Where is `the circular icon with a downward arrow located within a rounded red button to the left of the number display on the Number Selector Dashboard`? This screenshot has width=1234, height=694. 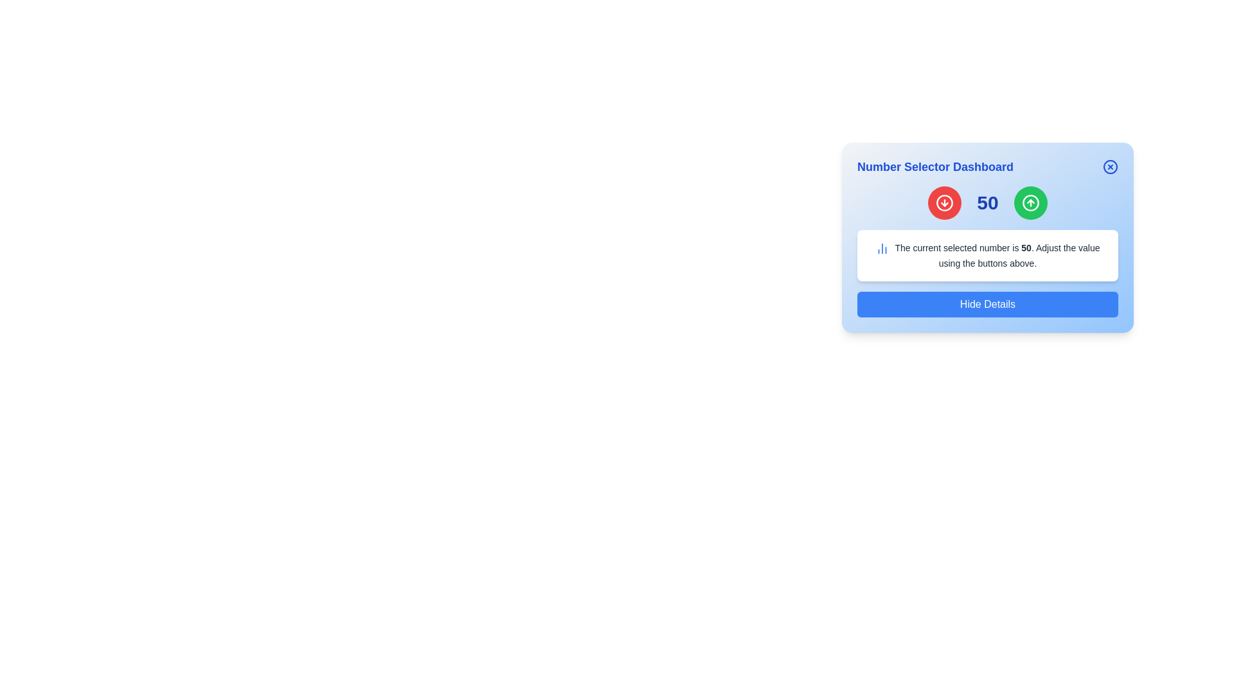 the circular icon with a downward arrow located within a rounded red button to the left of the number display on the Number Selector Dashboard is located at coordinates (945, 202).